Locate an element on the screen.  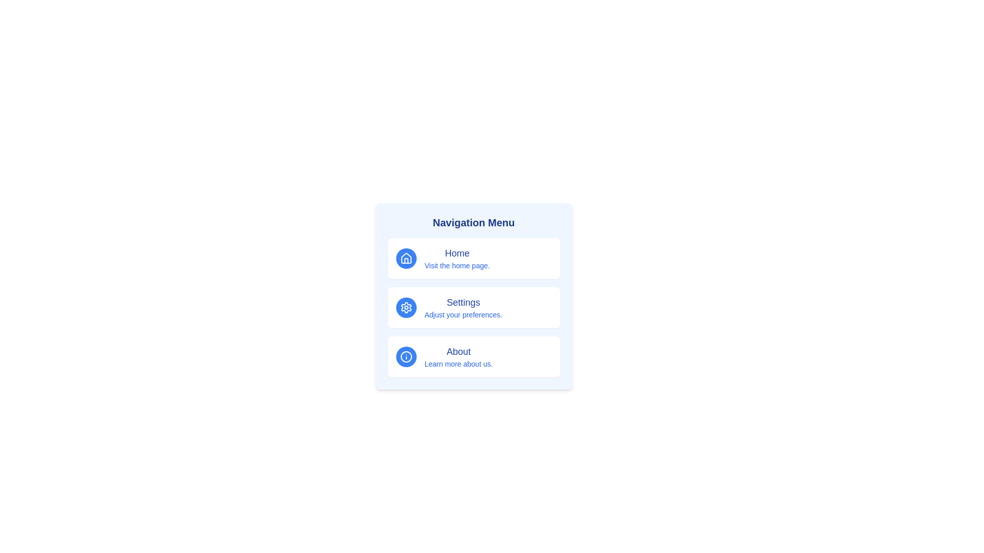
text label that combines a title 'Home' and a description 'Visit the home page.' in the navigation menu entry, located in the first card of the vertically stacked list of cards is located at coordinates (457, 258).